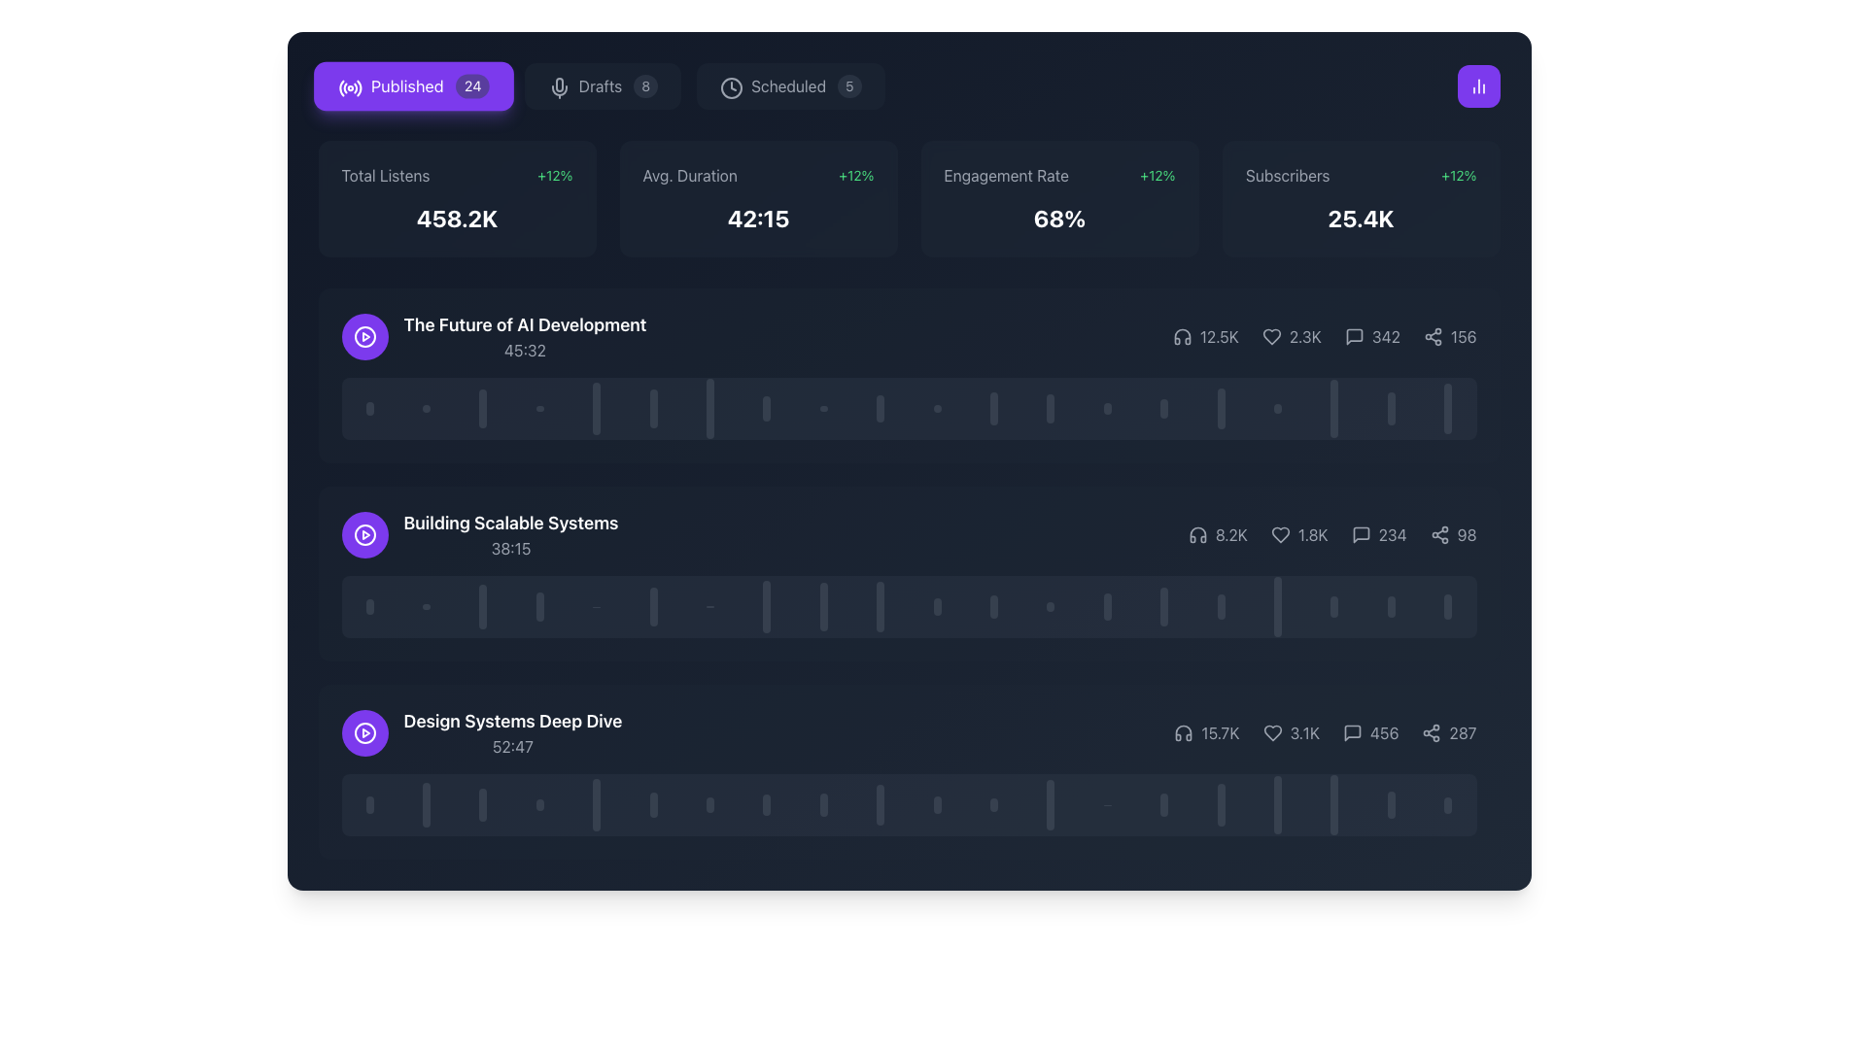 This screenshot has height=1049, width=1866. Describe the element at coordinates (364, 535) in the screenshot. I see `the circular violet button with a white play icon located to the left of the text 'Building Scalable Systems' and above '38:15' to observe style changes` at that location.